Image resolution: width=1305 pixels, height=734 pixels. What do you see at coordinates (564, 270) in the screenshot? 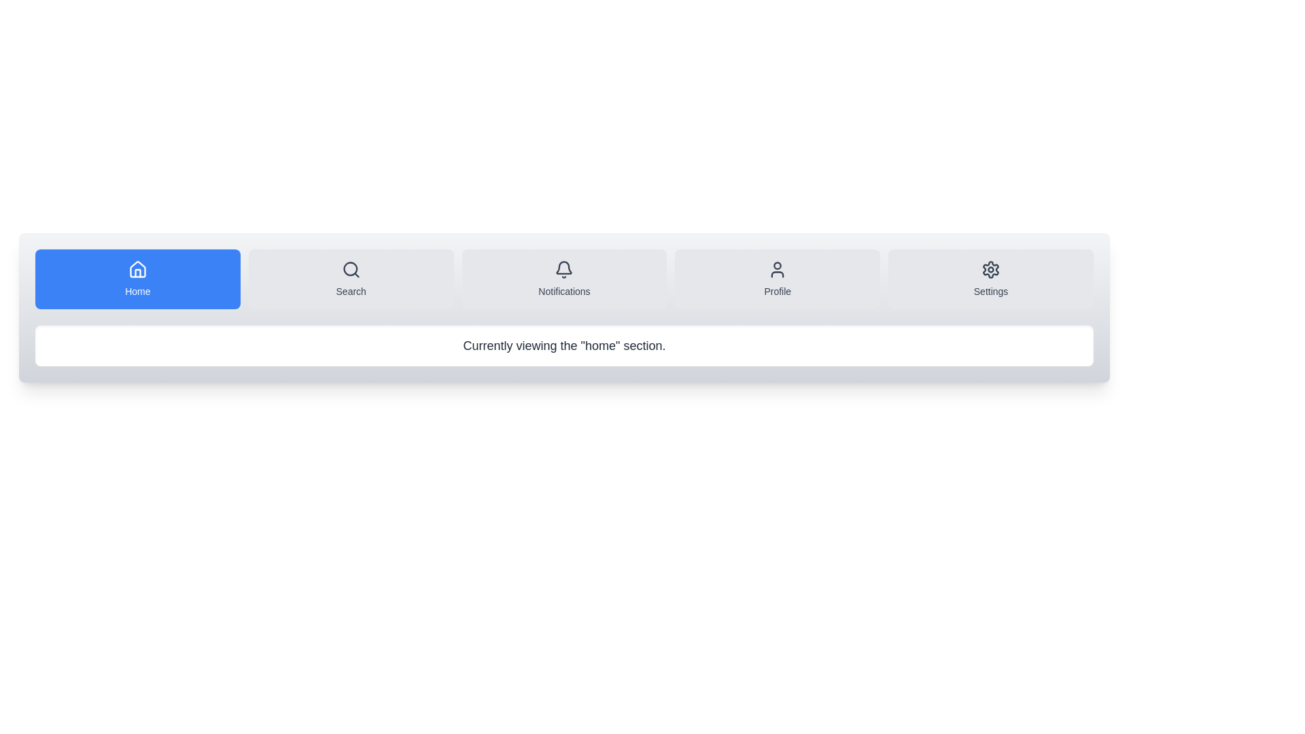
I see `the notifications icon, represented by a bell, located within the navigation menu` at bounding box center [564, 270].